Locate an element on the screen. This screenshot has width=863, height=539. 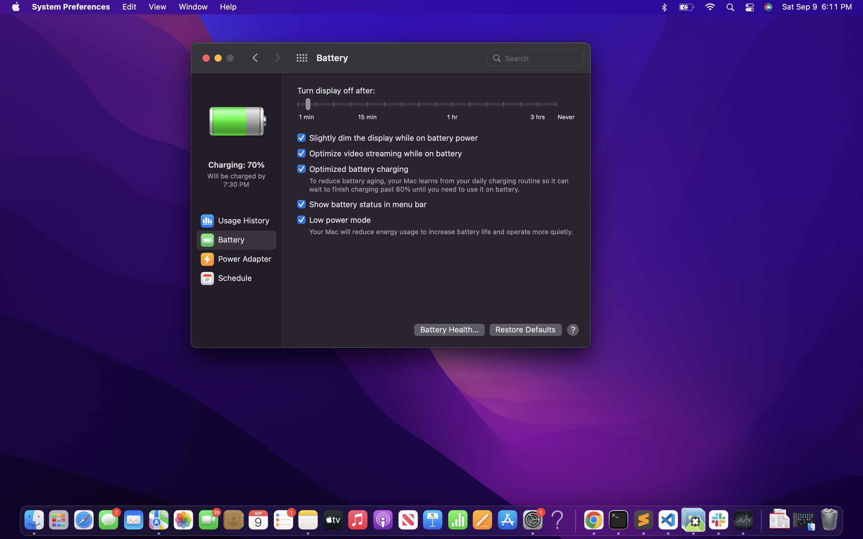
Restore default settings is located at coordinates (526, 330).